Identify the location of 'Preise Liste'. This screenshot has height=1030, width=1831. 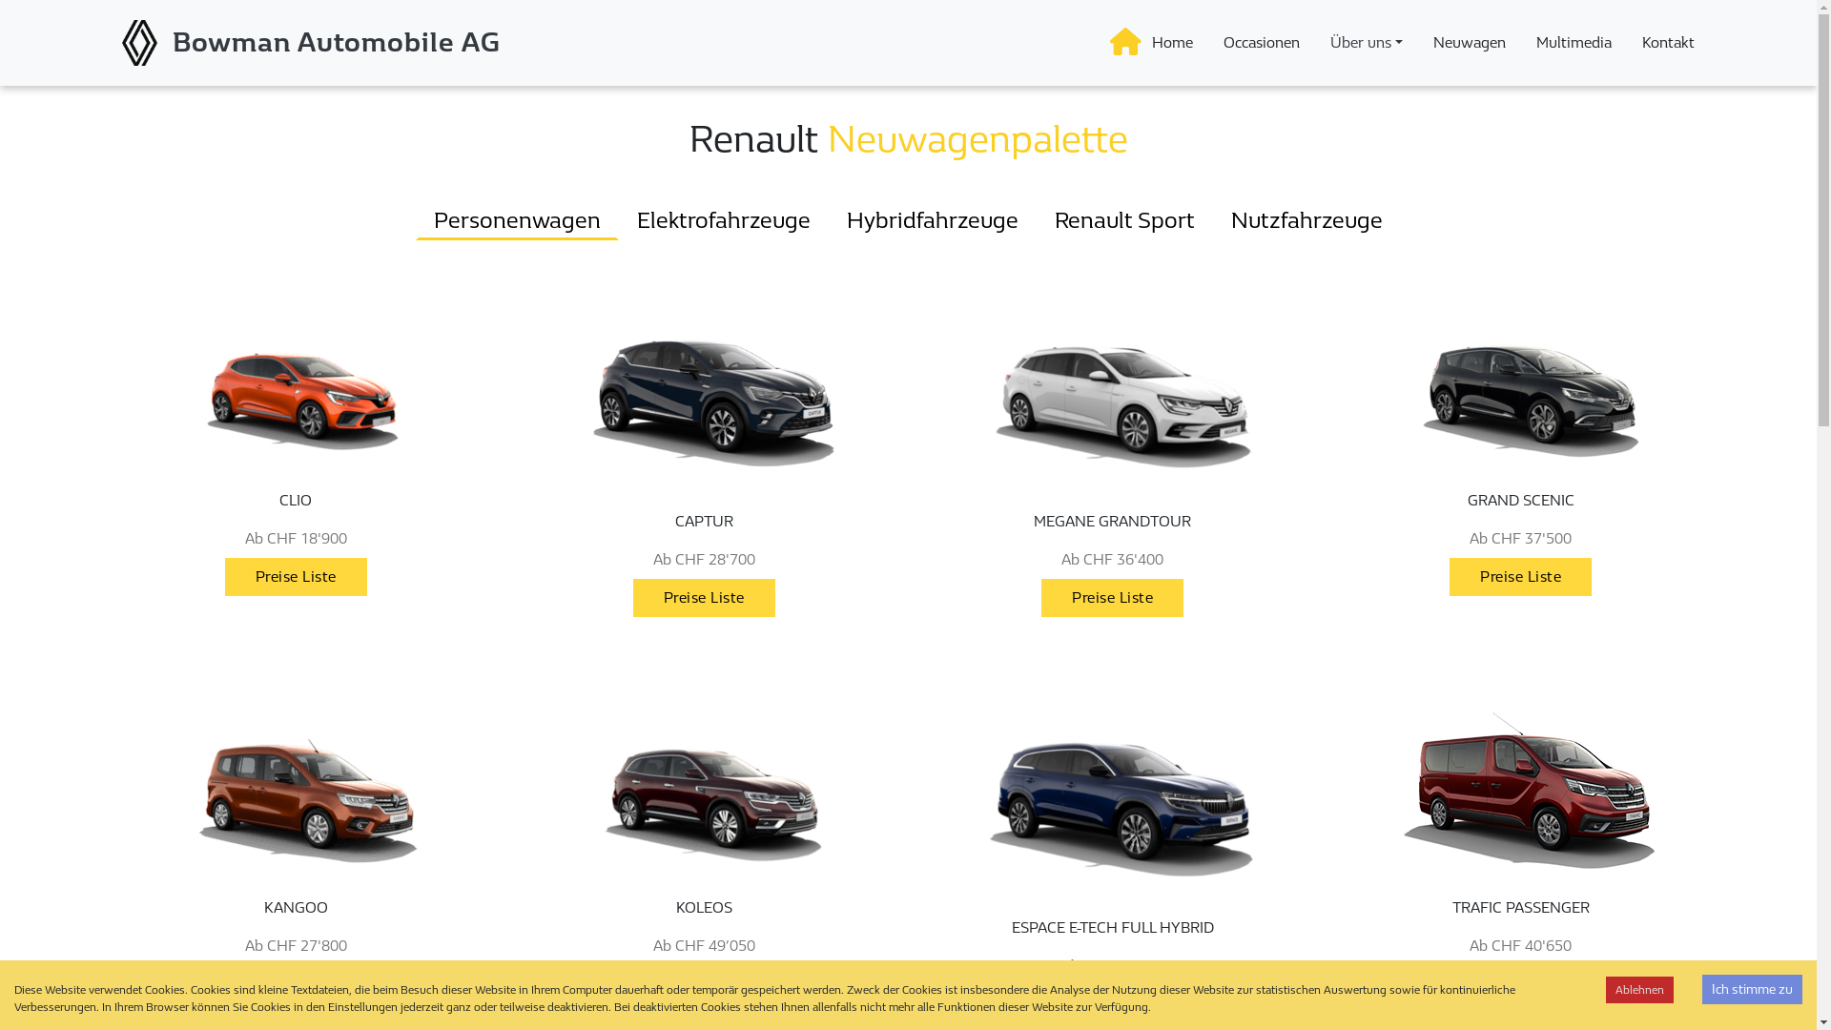
(1519, 576).